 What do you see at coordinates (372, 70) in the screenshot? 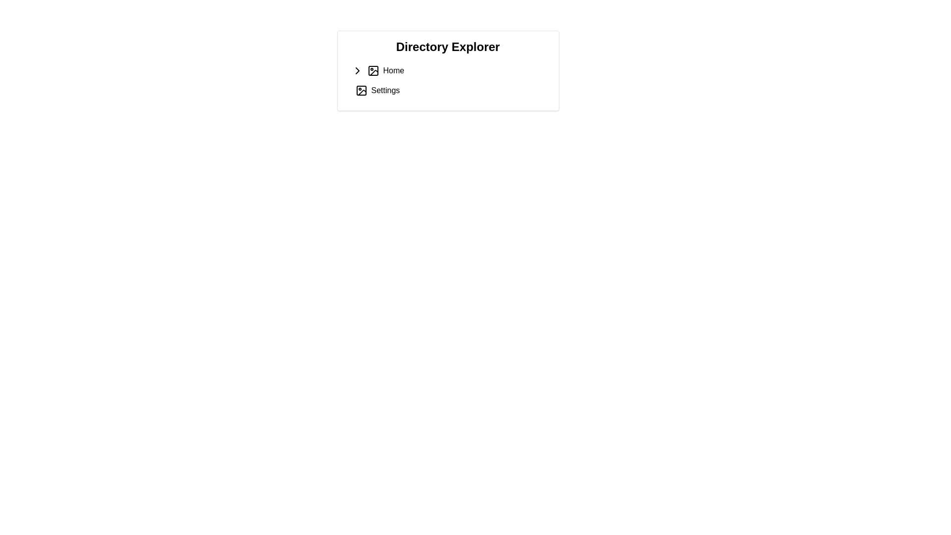
I see `the 'Home' icon in the 'Directory Explorer,' which is the second icon from the left, situated between the chevron icon and the 'Home' label text` at bounding box center [372, 70].